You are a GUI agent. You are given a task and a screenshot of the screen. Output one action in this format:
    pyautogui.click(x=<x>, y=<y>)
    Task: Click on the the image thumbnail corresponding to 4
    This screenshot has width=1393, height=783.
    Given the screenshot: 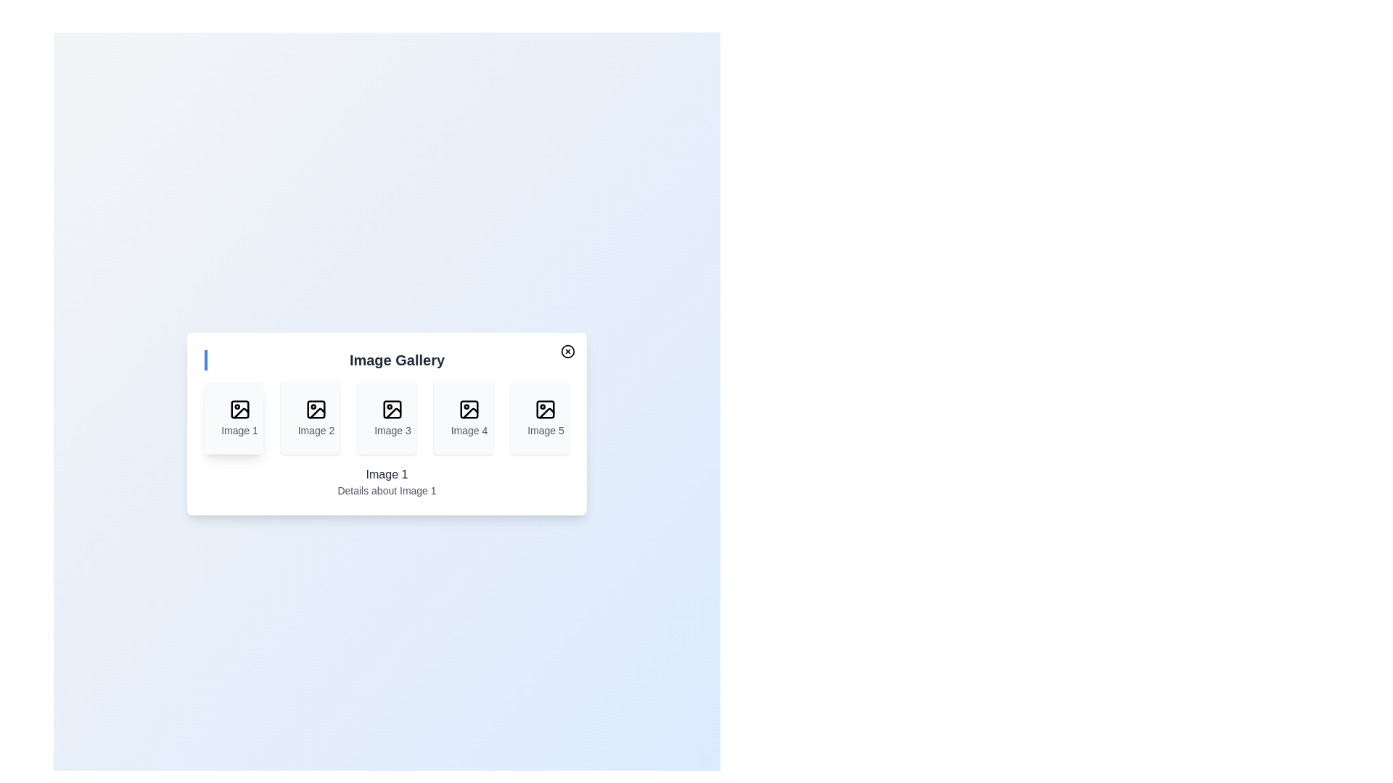 What is the action you would take?
    pyautogui.click(x=462, y=418)
    